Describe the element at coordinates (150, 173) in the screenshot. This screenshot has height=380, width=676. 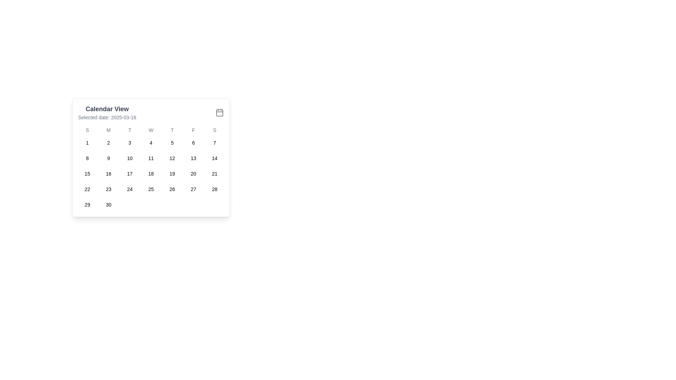
I see `the clickable element representing the 18th day of the month in the calendar view` at that location.